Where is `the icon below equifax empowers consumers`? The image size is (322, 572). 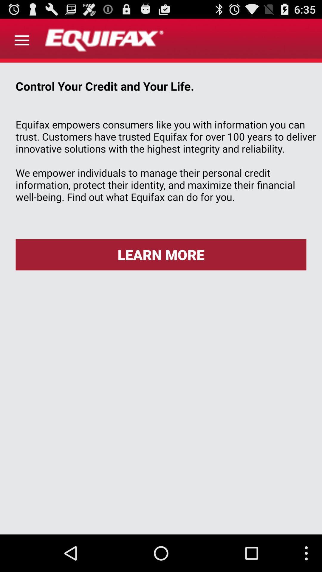
the icon below equifax empowers consumers is located at coordinates (161, 254).